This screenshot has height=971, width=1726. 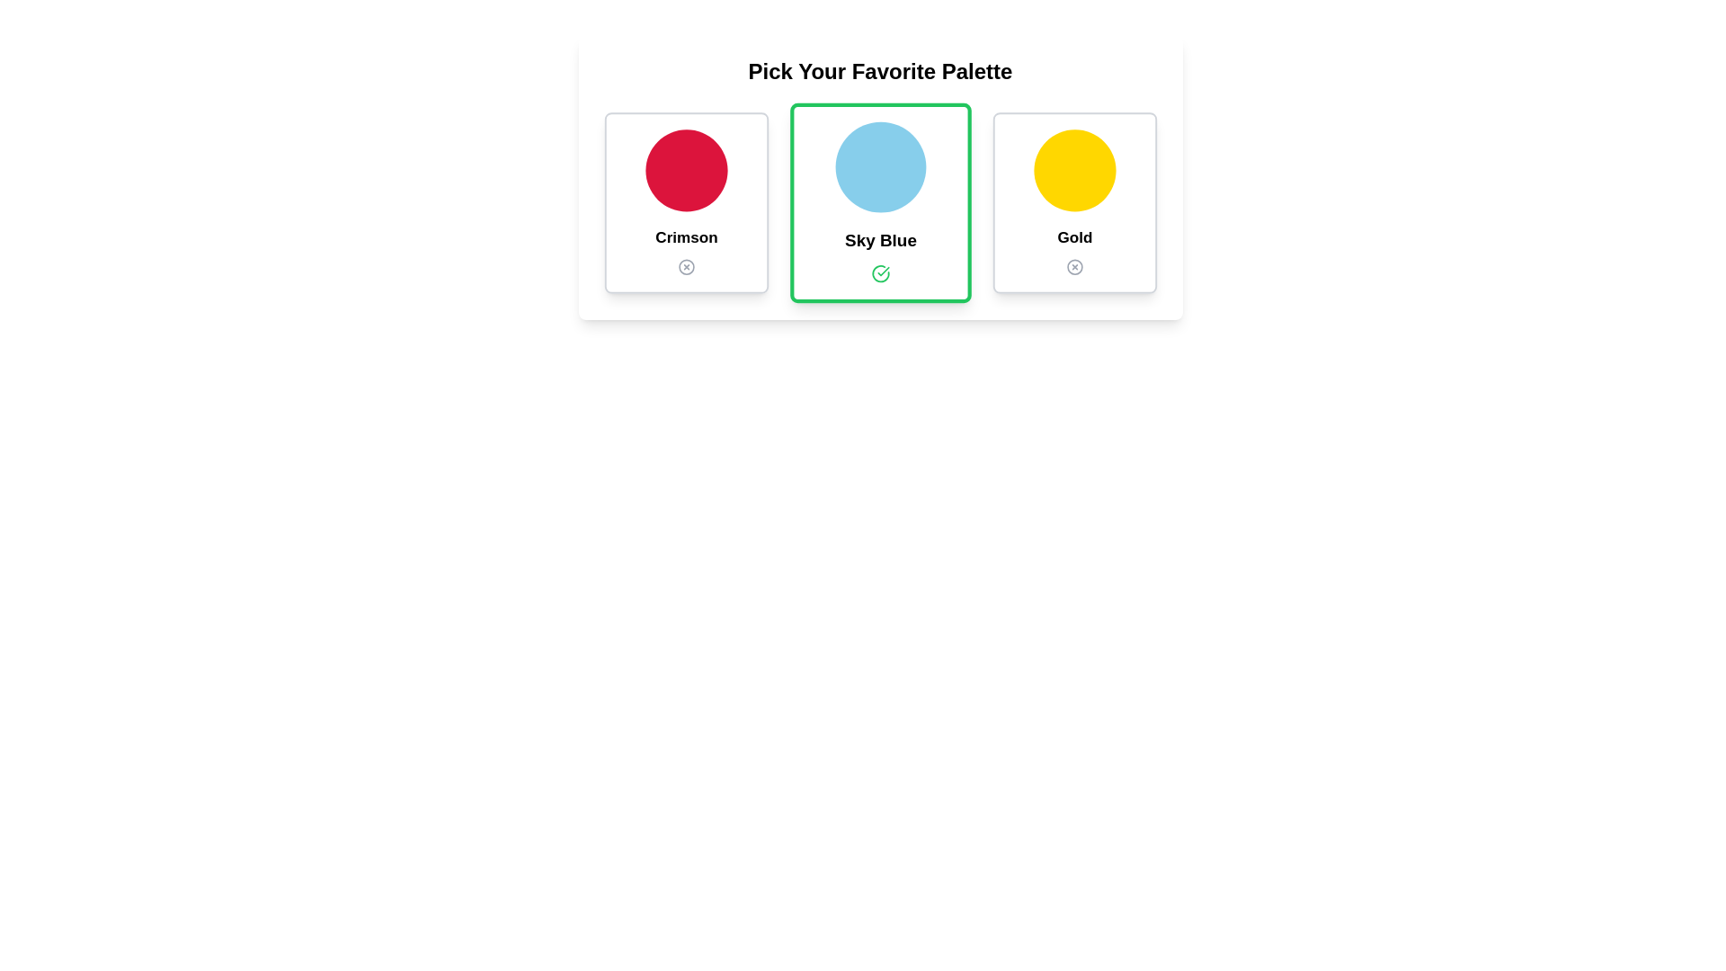 I want to click on the palette Crimson, so click(x=685, y=202).